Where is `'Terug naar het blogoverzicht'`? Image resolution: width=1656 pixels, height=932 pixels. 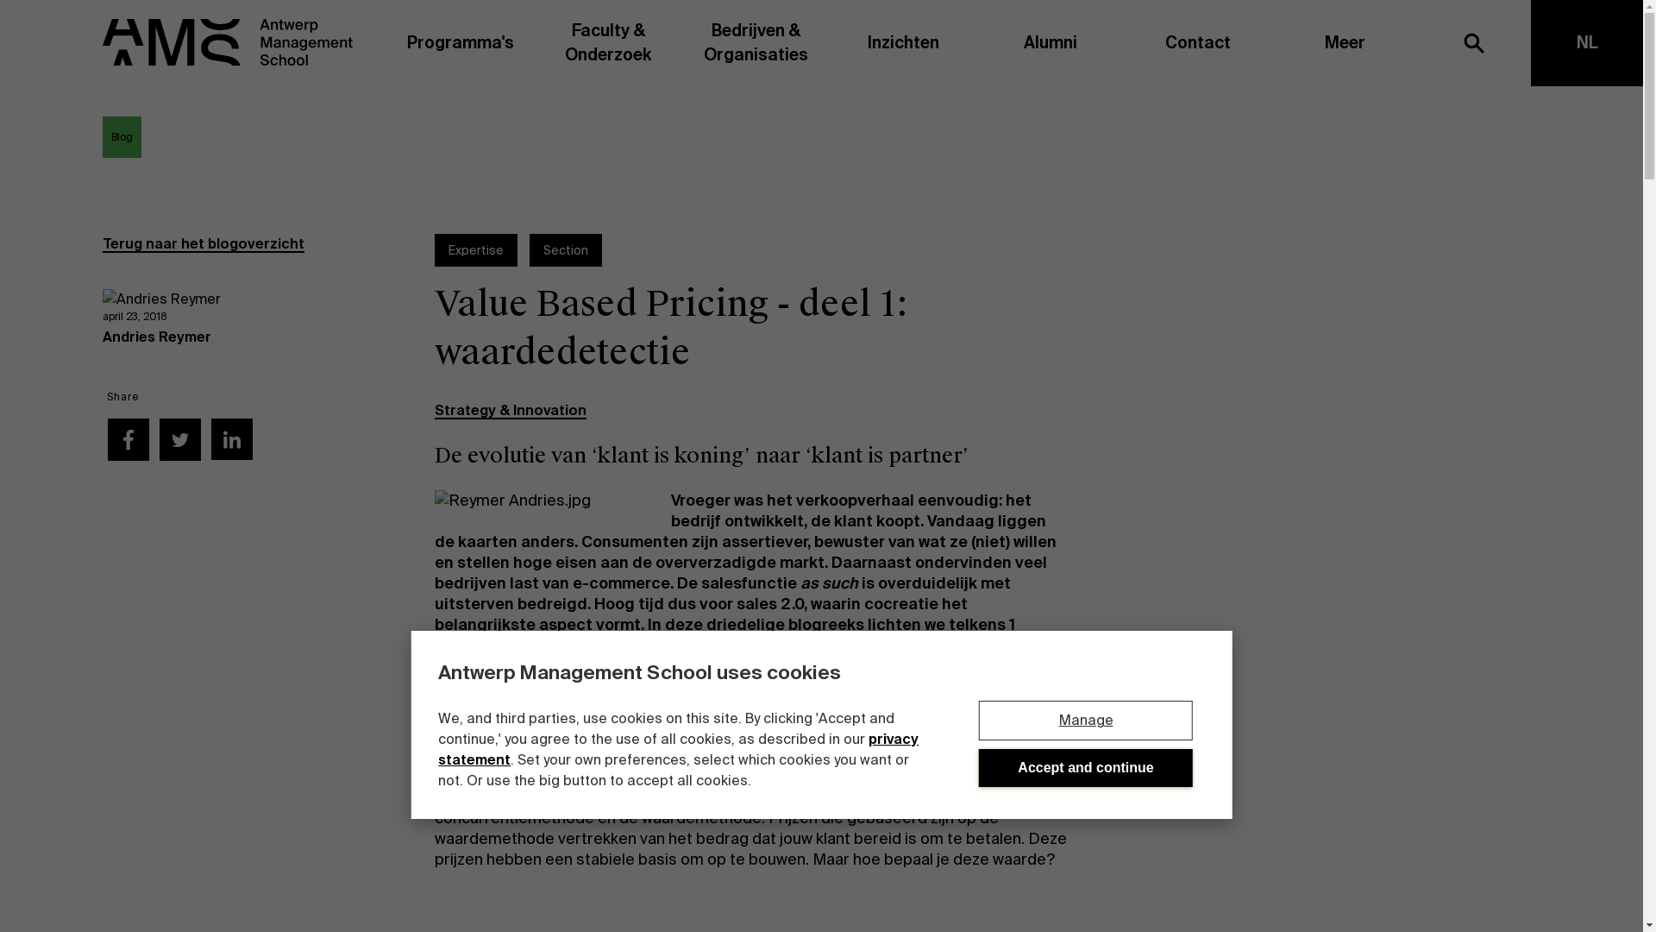 'Terug naar het blogoverzicht' is located at coordinates (203, 243).